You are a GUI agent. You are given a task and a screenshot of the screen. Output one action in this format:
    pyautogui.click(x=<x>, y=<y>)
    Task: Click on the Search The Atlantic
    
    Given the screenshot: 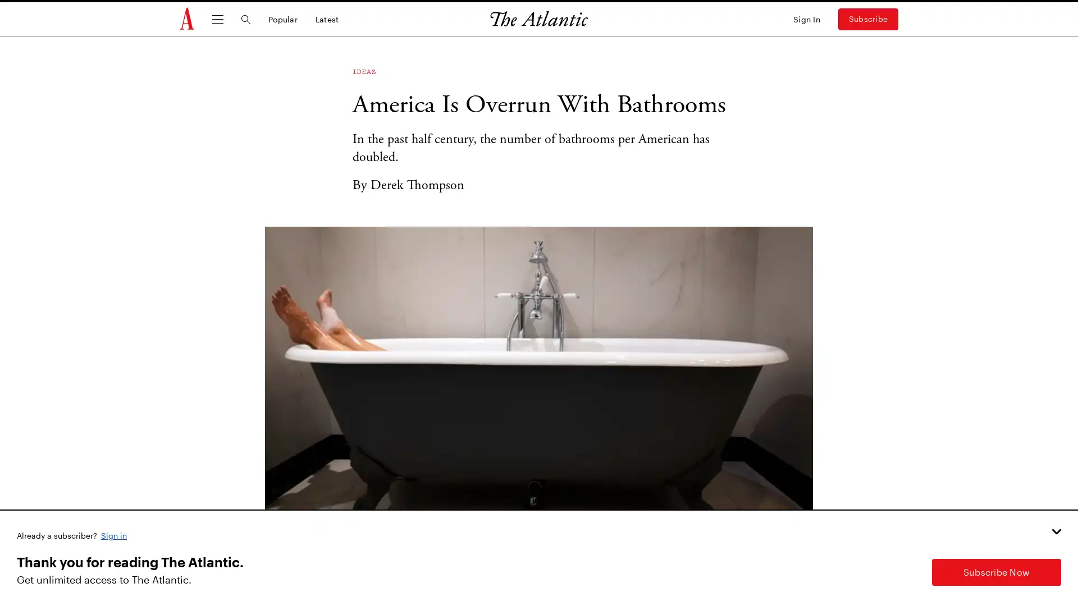 What is the action you would take?
    pyautogui.click(x=245, y=19)
    